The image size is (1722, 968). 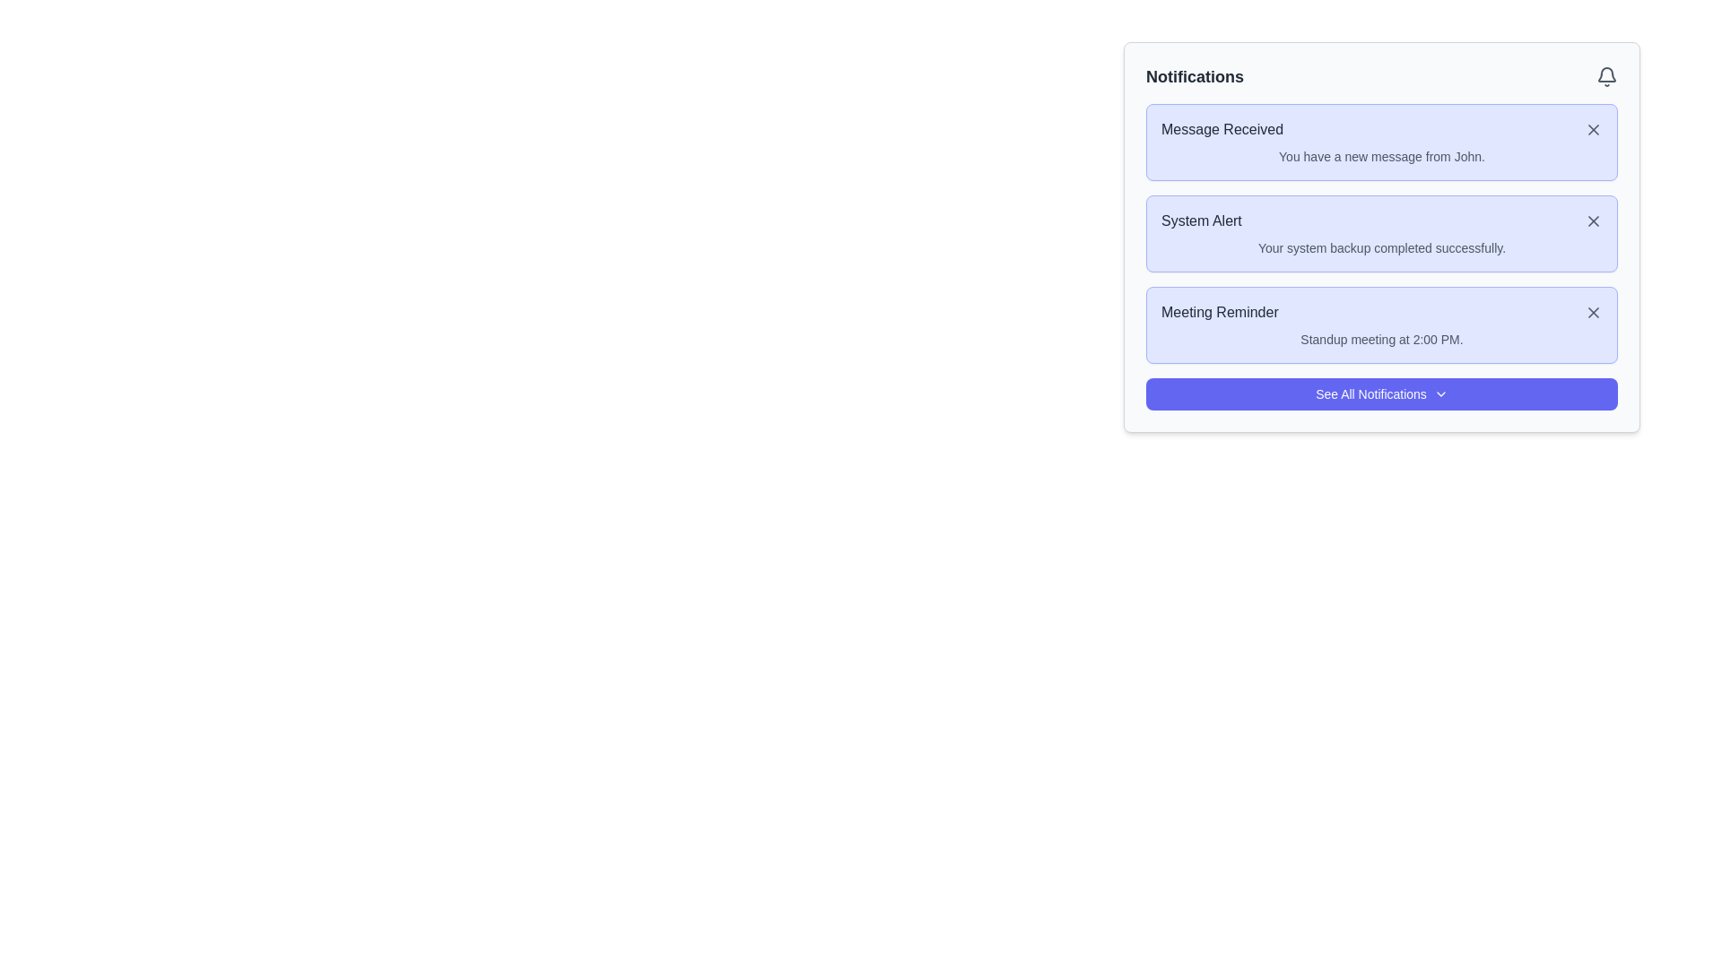 What do you see at coordinates (1380, 393) in the screenshot?
I see `the 'See All Notifications' button, which is a vibrant indigo button with rounded corners located at the bottom of the Notifications card` at bounding box center [1380, 393].